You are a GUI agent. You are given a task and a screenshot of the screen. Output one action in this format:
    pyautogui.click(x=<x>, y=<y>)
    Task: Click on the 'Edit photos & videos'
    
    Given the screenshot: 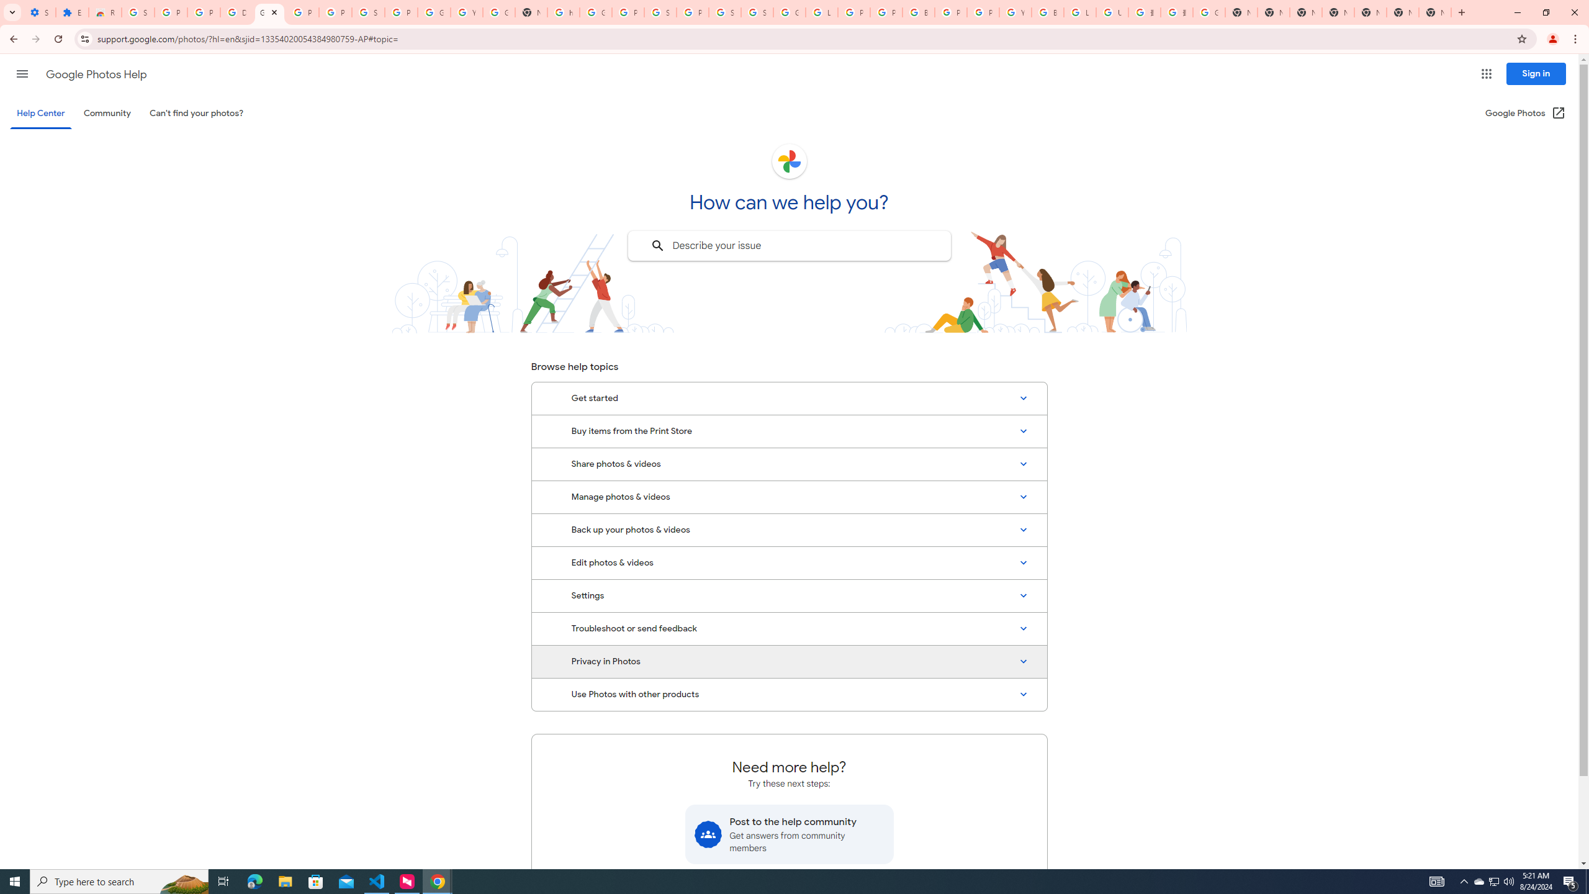 What is the action you would take?
    pyautogui.click(x=789, y=563)
    